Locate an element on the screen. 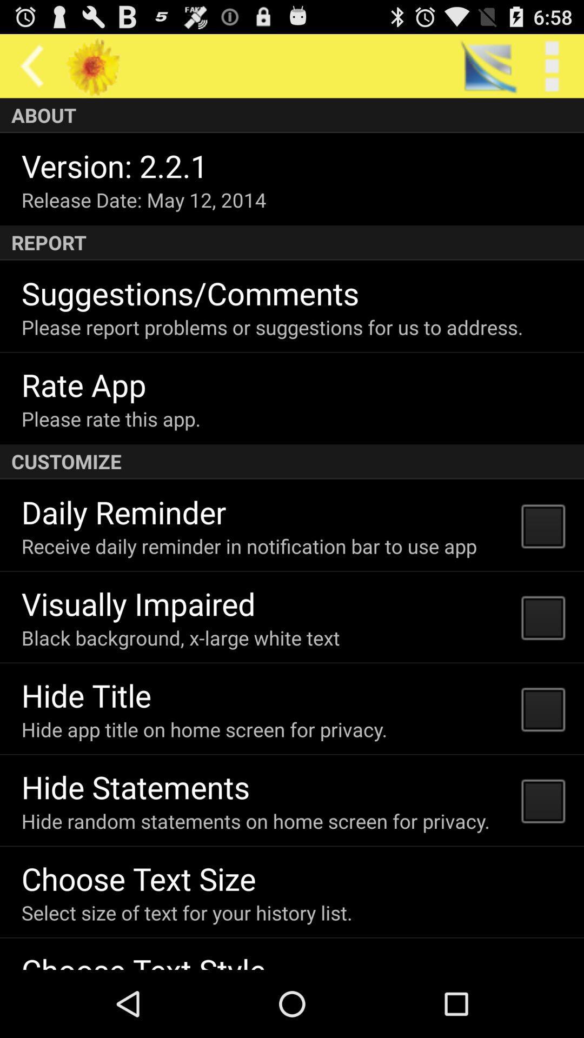 Image resolution: width=584 pixels, height=1038 pixels. the about app is located at coordinates (292, 115).